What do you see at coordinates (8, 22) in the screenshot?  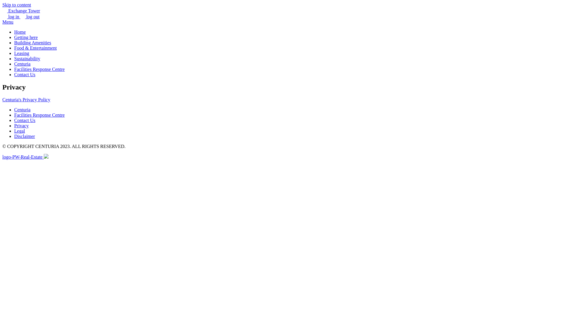 I see `'Menu'` at bounding box center [8, 22].